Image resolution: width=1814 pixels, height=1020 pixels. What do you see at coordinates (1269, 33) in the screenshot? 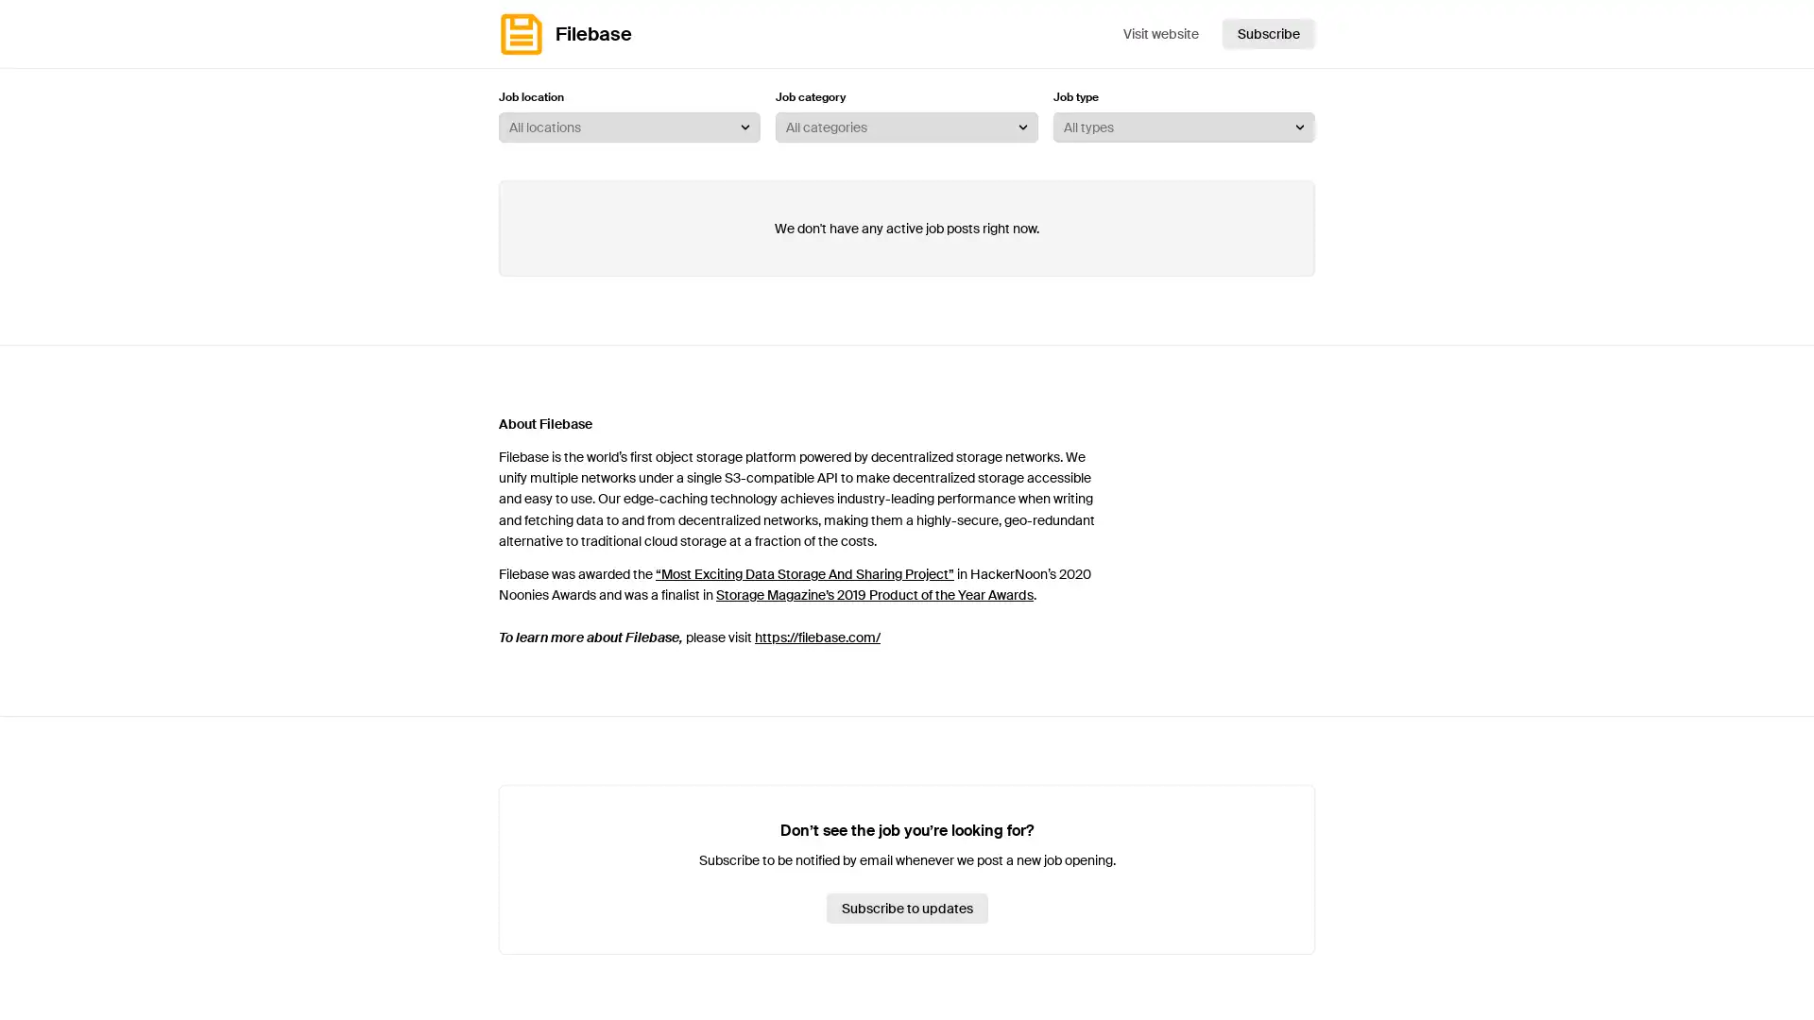
I see `Subscribe` at bounding box center [1269, 33].